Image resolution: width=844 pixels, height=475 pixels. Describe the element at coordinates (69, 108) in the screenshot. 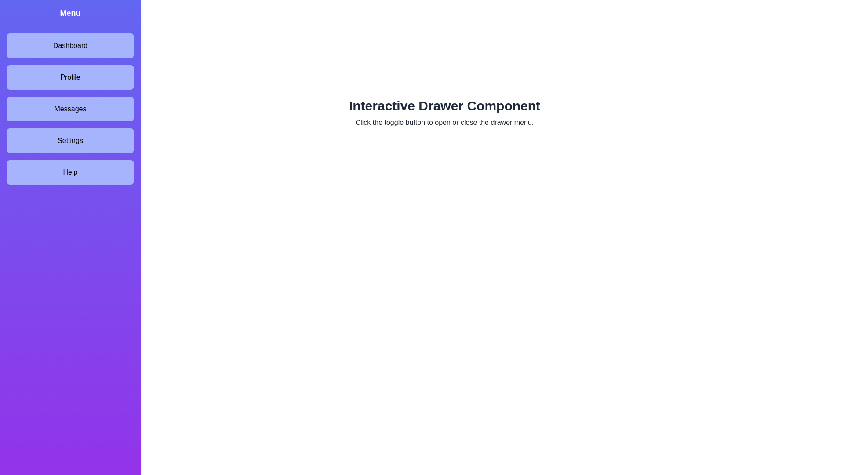

I see `the menu item labeled Messages by clicking on it` at that location.